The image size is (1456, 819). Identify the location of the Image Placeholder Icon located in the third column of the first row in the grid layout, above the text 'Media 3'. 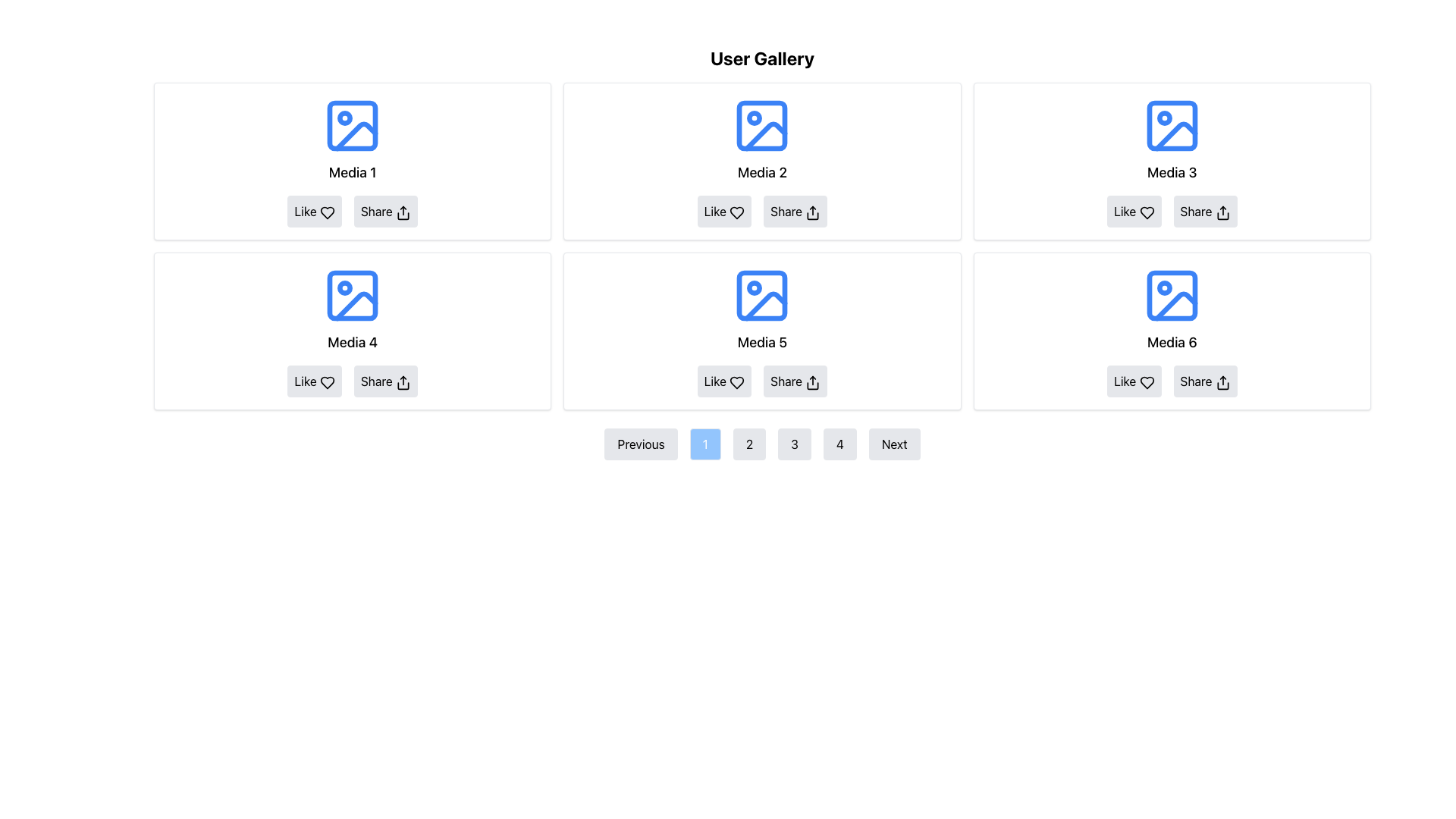
(1171, 124).